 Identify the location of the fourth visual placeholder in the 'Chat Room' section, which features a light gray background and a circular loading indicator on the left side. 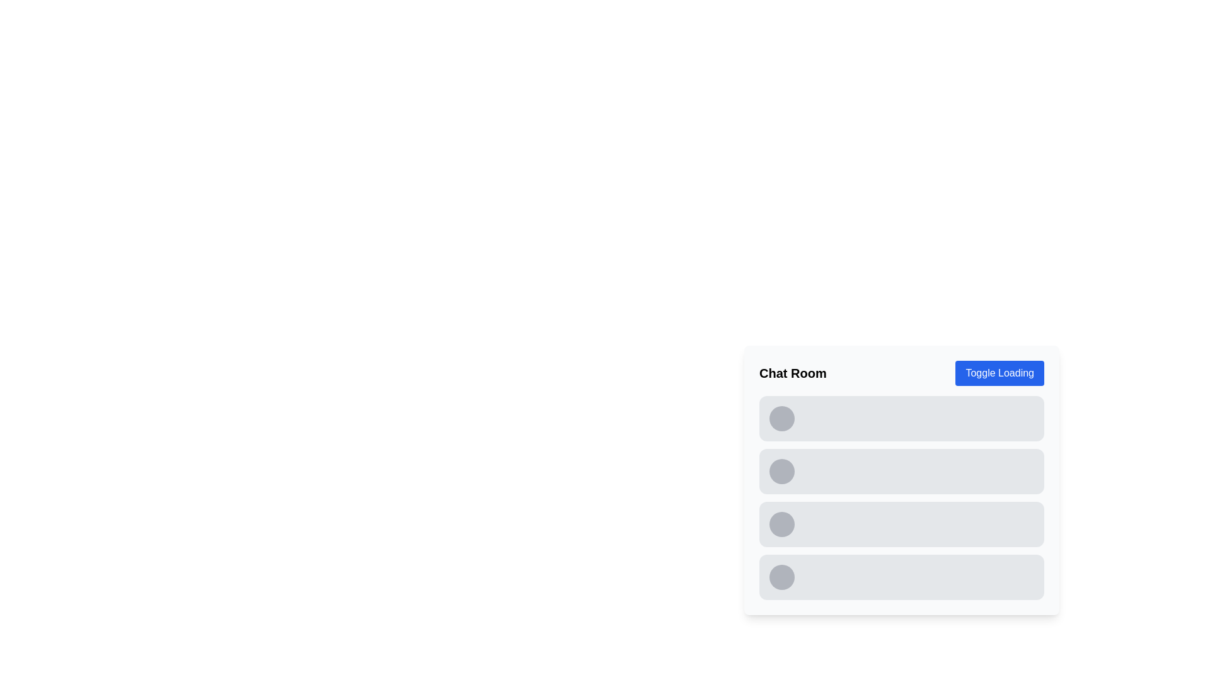
(901, 577).